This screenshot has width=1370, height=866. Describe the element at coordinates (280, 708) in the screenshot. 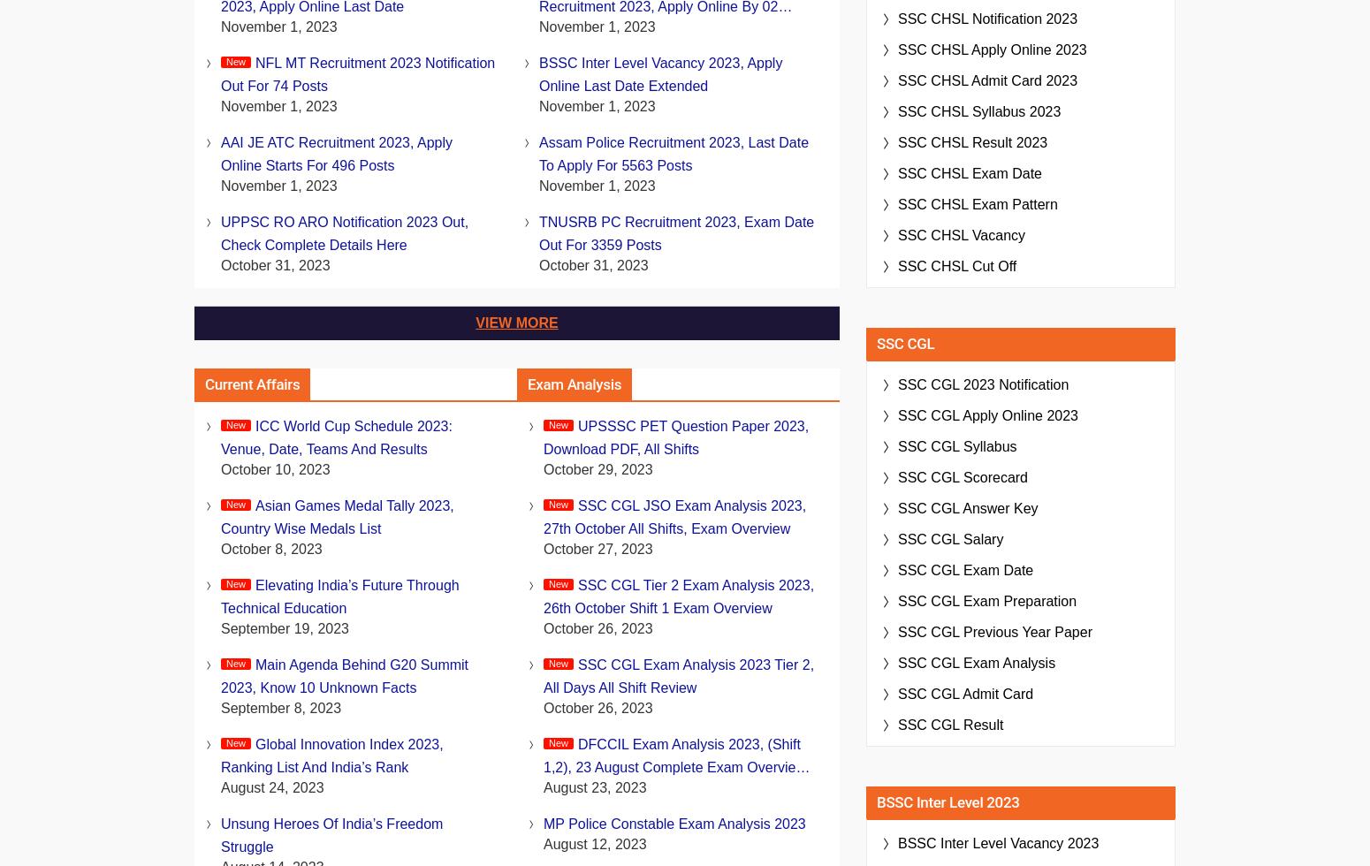

I see `'September 8, 2023'` at that location.